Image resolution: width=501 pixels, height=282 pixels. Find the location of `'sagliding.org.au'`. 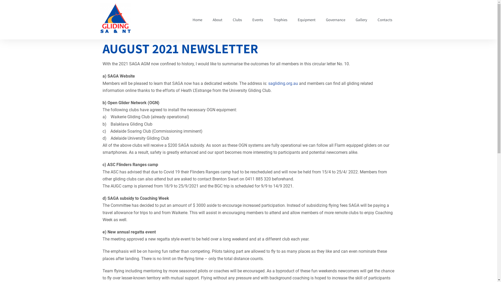

'sagliding.org.au' is located at coordinates (283, 83).